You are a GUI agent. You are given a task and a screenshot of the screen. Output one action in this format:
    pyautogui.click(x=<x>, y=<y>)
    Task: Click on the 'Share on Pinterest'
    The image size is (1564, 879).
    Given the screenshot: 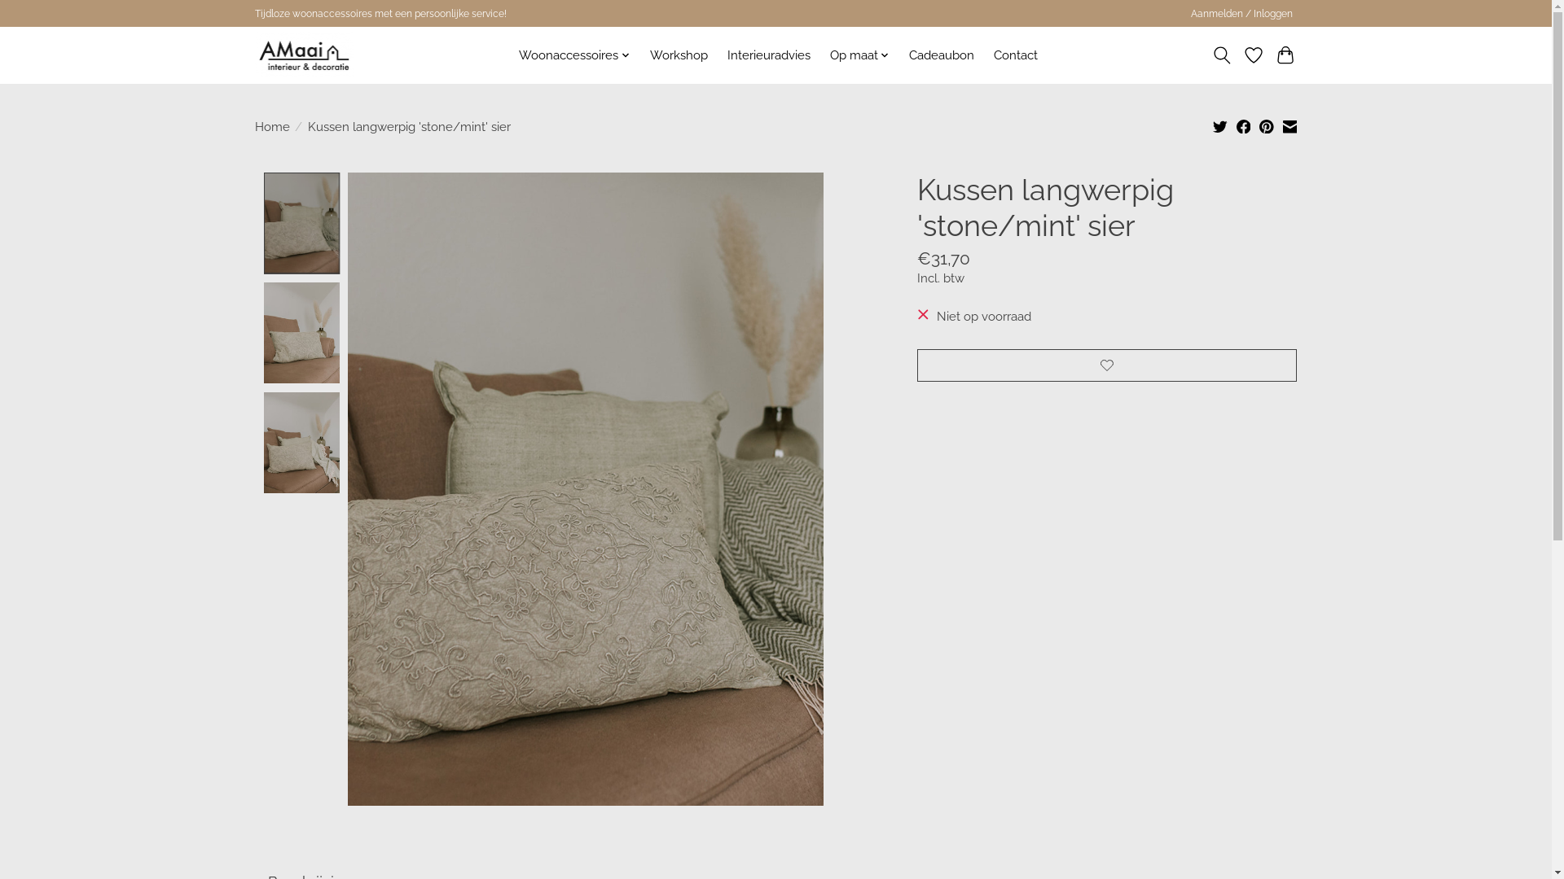 What is the action you would take?
    pyautogui.click(x=1266, y=127)
    